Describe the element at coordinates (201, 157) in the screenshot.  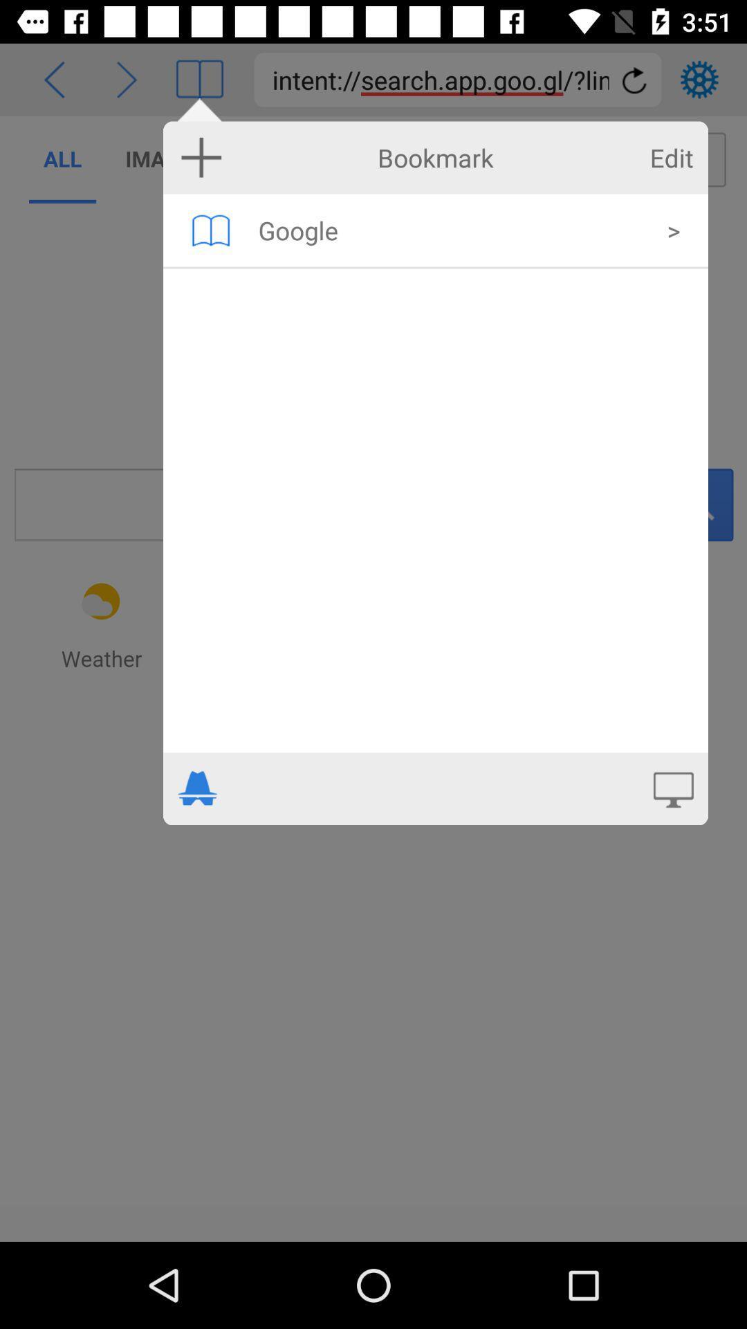
I see `item next to the bookmark` at that location.